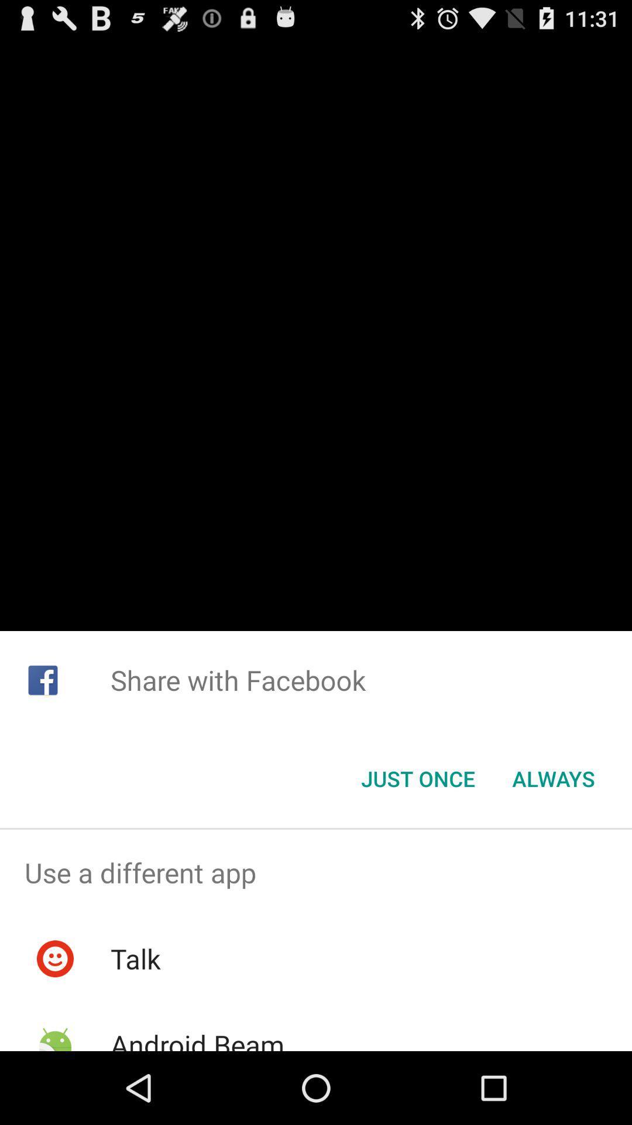 The image size is (632, 1125). What do you see at coordinates (417, 779) in the screenshot?
I see `icon below the share with facebook item` at bounding box center [417, 779].